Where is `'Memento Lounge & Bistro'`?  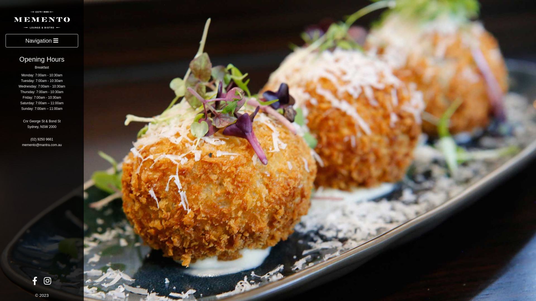
'Memento Lounge & Bistro' is located at coordinates (41, 19).